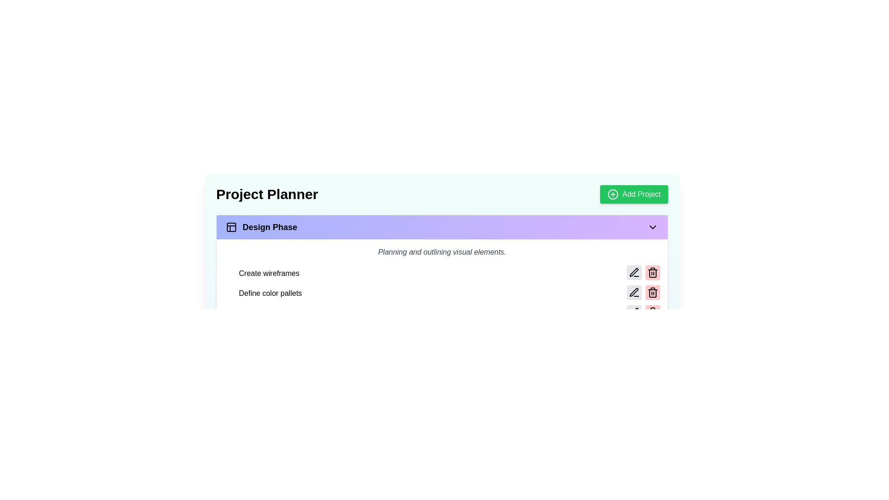 The width and height of the screenshot is (889, 500). Describe the element at coordinates (652, 272) in the screenshot. I see `the red square button with rounded corners that features a black outlined trash bin icon, located in the 'Design Phase' section as the second button in a row` at that location.